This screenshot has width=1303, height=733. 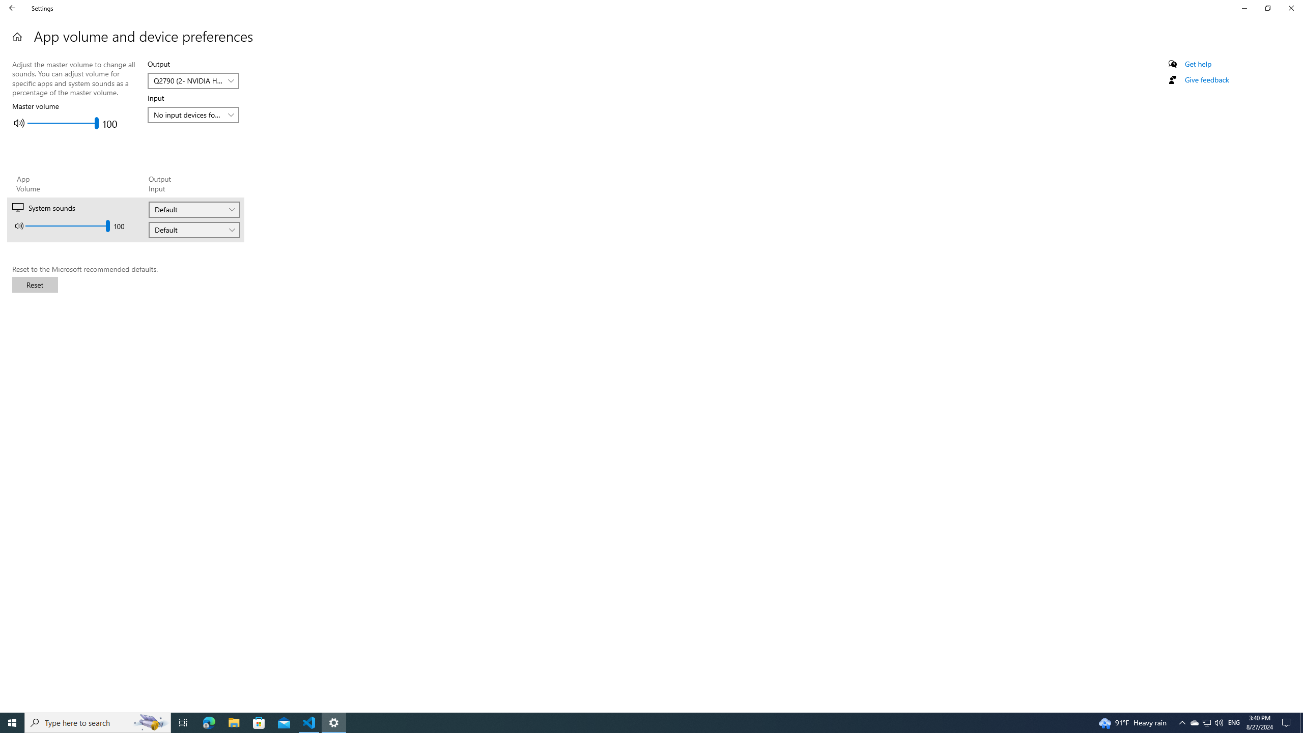 What do you see at coordinates (309, 722) in the screenshot?
I see `'Visual Studio Code - 1 running window'` at bounding box center [309, 722].